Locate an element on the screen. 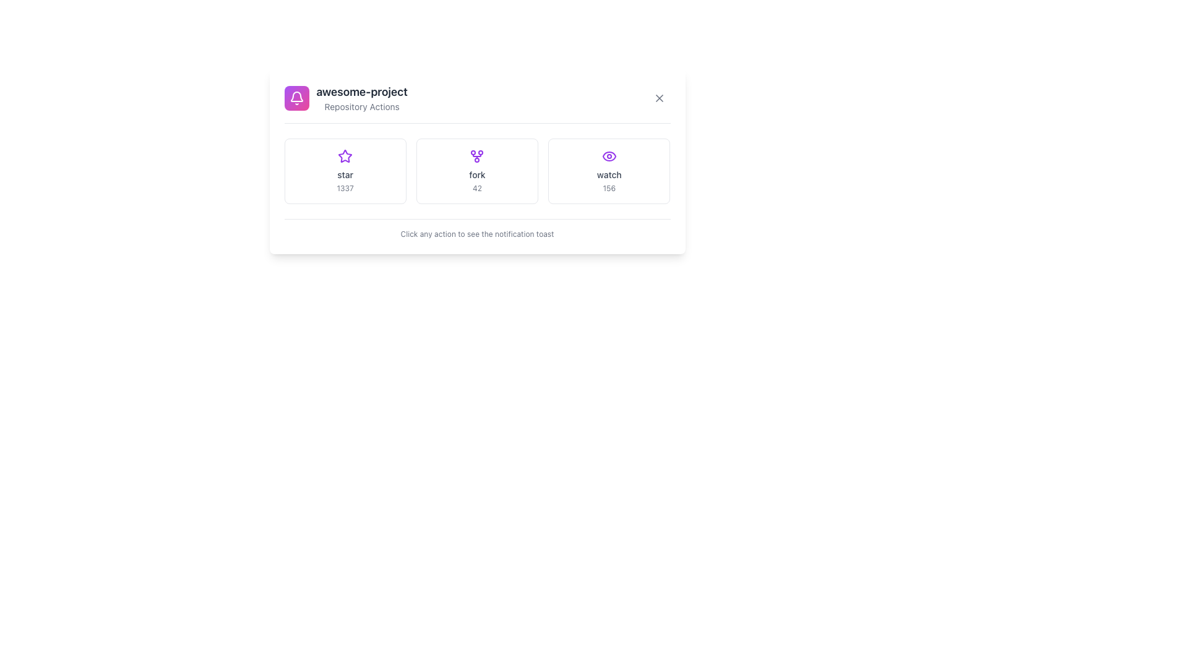 This screenshot has height=668, width=1188. the close button located at the upper-right corner of the white card layout is located at coordinates (658, 97).